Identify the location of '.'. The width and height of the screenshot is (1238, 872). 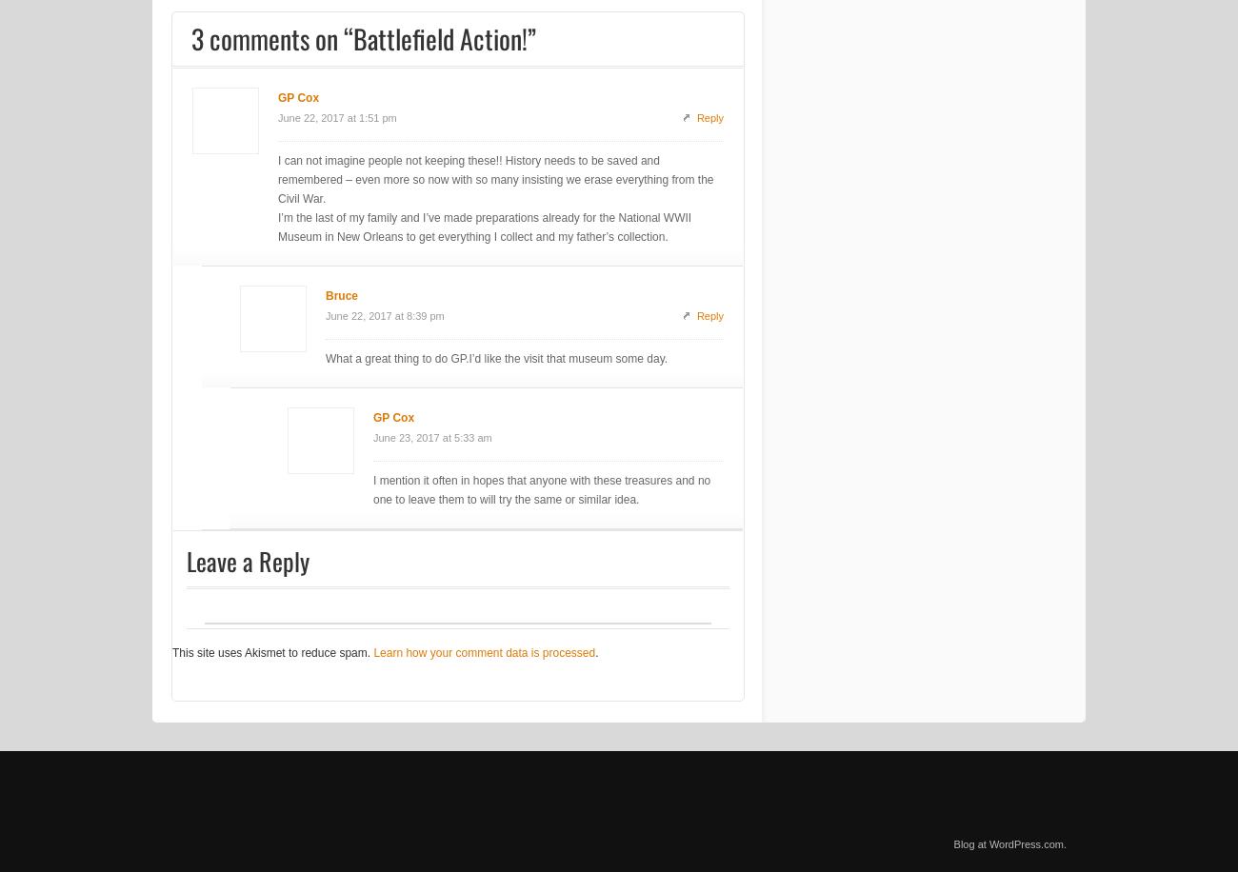
(596, 808).